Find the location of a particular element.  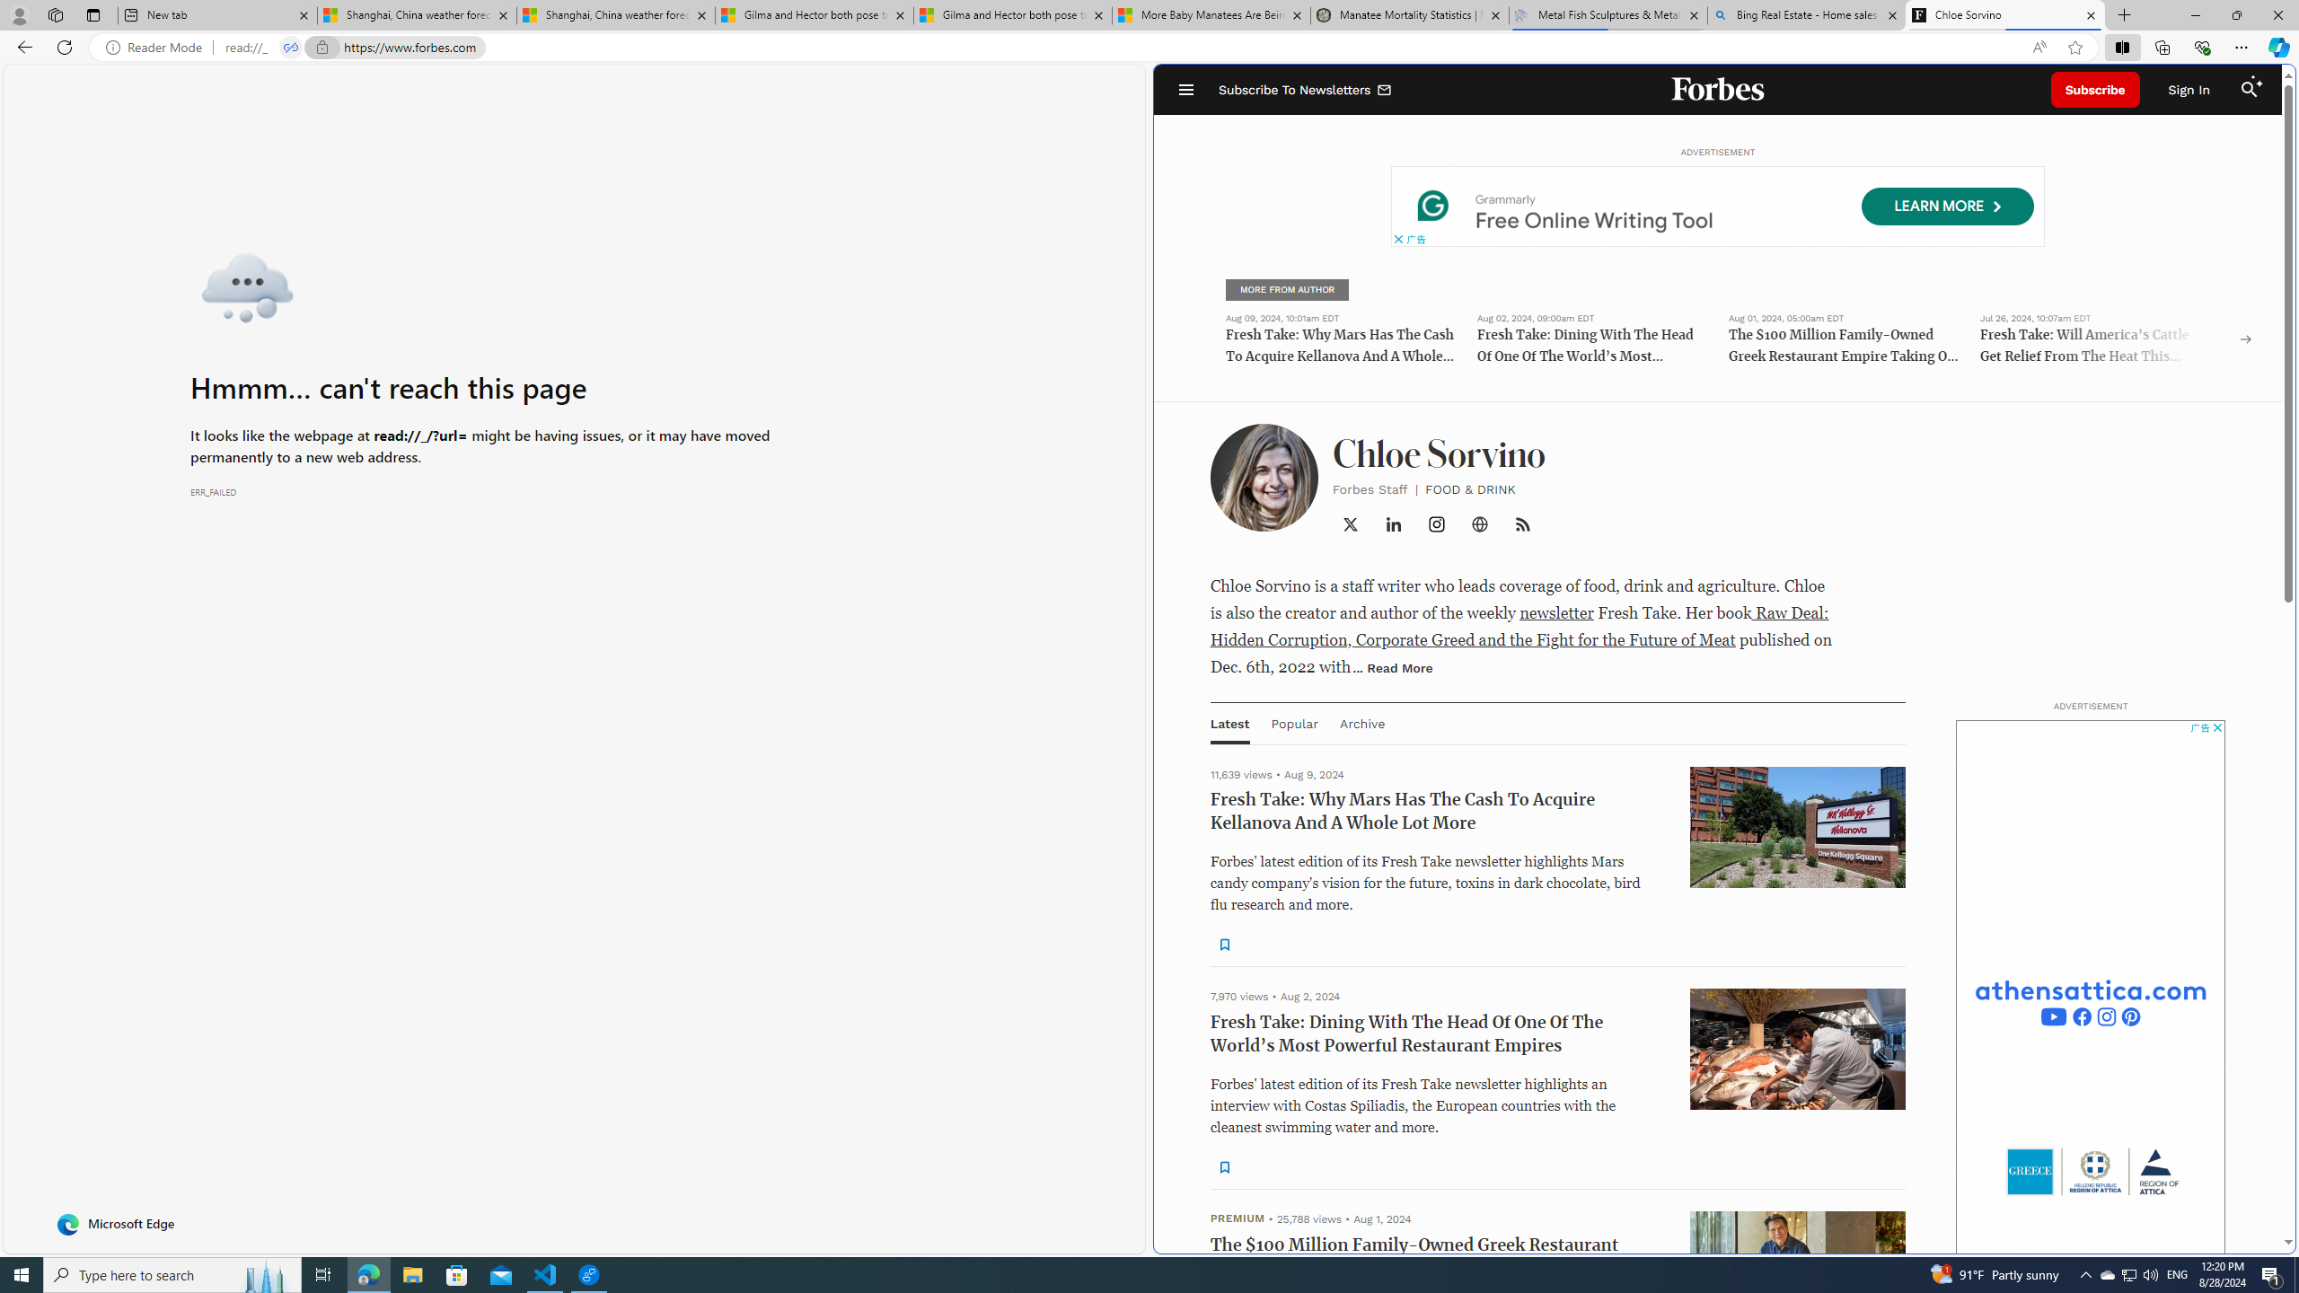

'Class: sparkles_svg__fs-icon sparkles_svg__fs-icon--sparkles' is located at coordinates (2259, 80).